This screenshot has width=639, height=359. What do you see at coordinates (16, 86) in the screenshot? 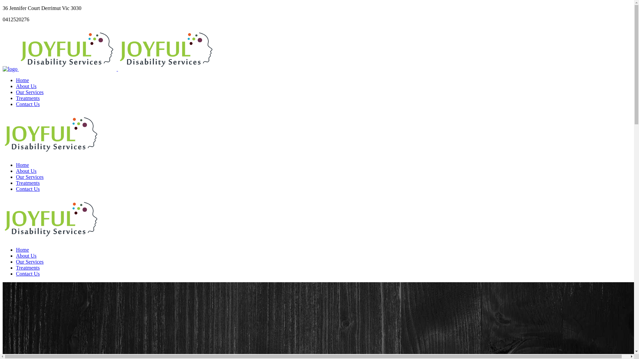
I see `'About Us'` at bounding box center [16, 86].